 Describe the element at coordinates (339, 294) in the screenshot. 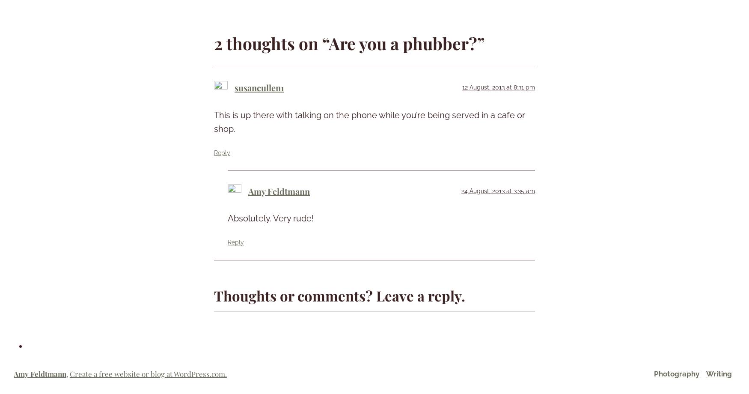

I see `'Thoughts or comments? Leave a reply.'` at that location.